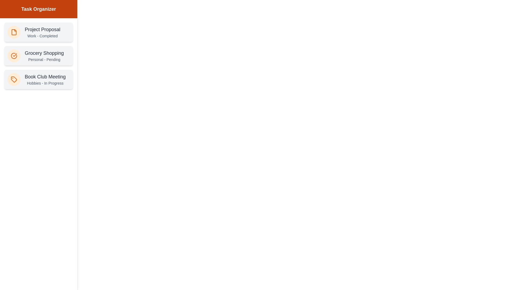  What do you see at coordinates (38, 79) in the screenshot?
I see `the task item Book Club Meeting from the list` at bounding box center [38, 79].